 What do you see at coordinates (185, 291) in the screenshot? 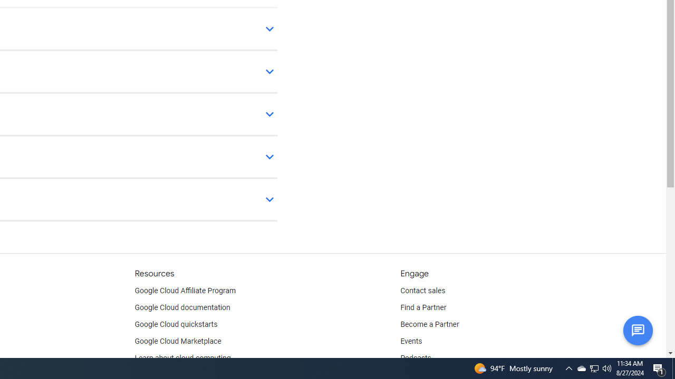
I see `'Google Cloud Affiliate Program'` at bounding box center [185, 291].